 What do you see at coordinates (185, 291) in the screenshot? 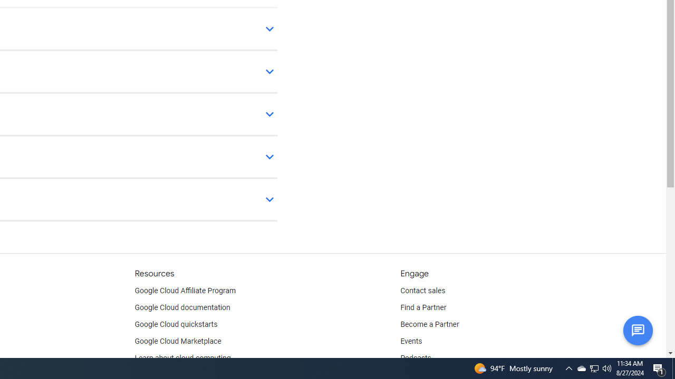
I see `'Google Cloud Affiliate Program'` at bounding box center [185, 291].